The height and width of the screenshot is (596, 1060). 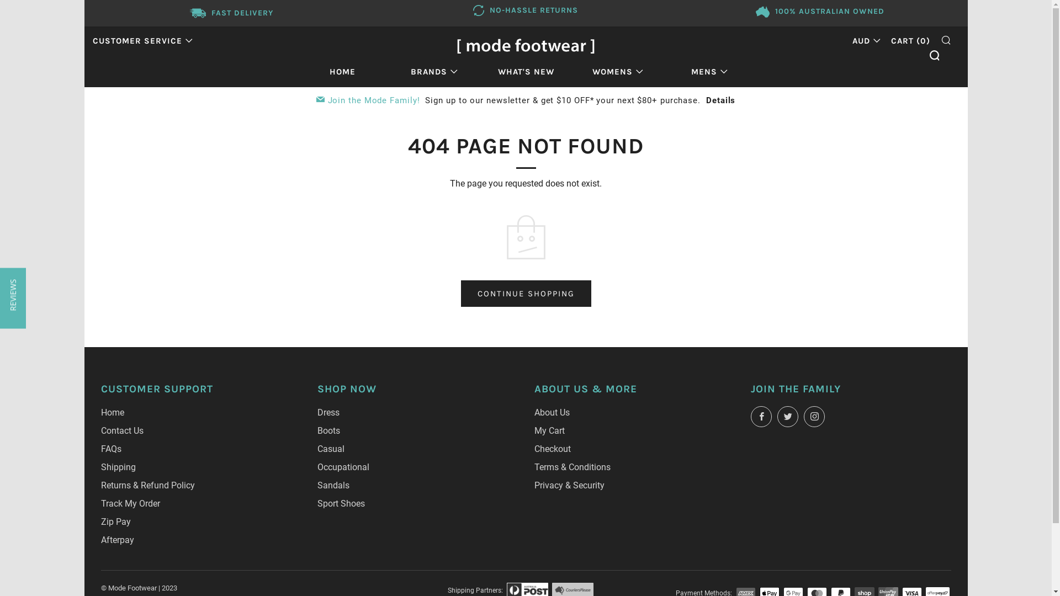 What do you see at coordinates (342, 72) in the screenshot?
I see `'HOME'` at bounding box center [342, 72].